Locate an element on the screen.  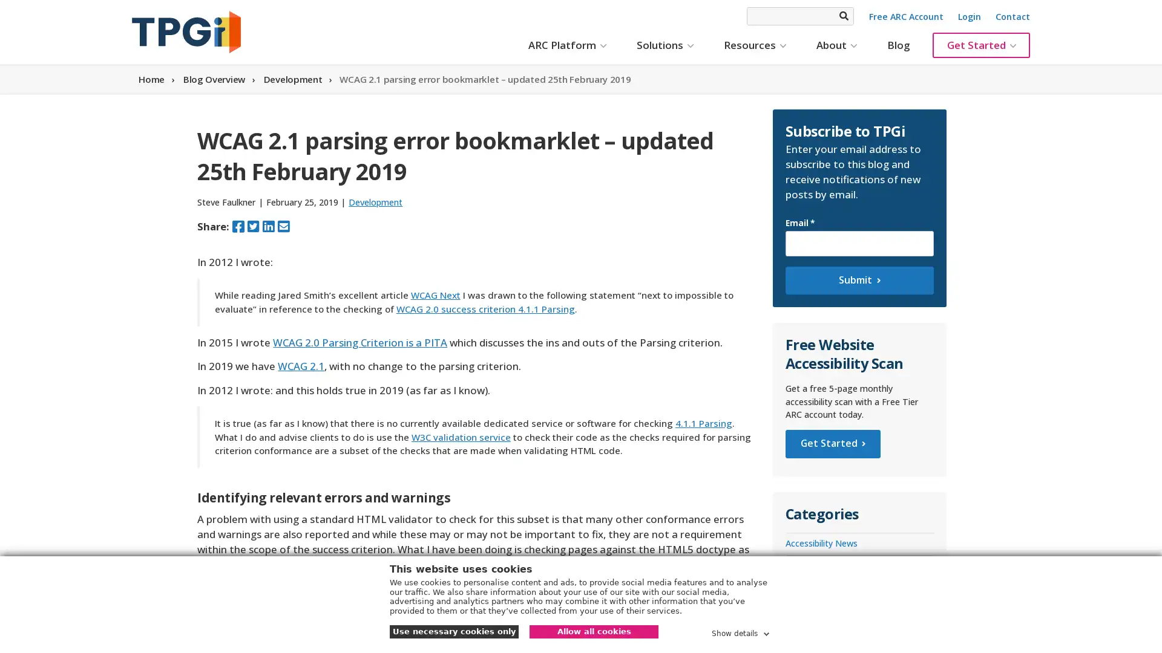
Submit Search is located at coordinates (842, 16).